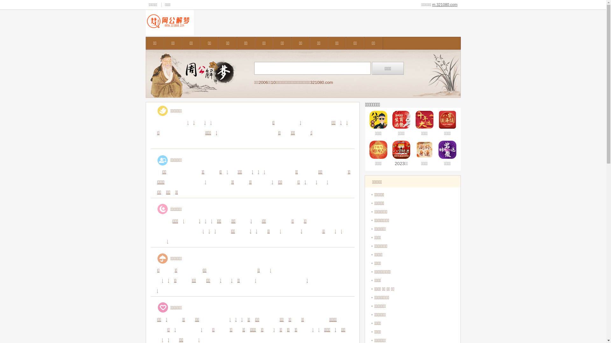  I want to click on 'm.321080.com', so click(444, 5).